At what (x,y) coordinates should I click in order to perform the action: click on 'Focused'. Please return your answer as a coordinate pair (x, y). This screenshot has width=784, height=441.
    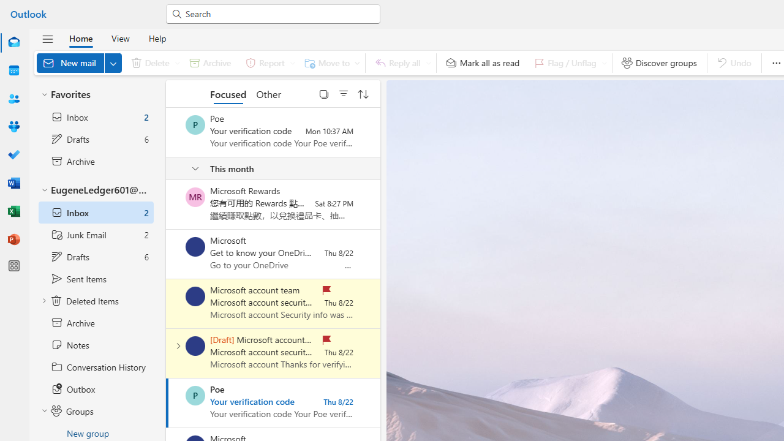
    Looking at the image, I should click on (228, 93).